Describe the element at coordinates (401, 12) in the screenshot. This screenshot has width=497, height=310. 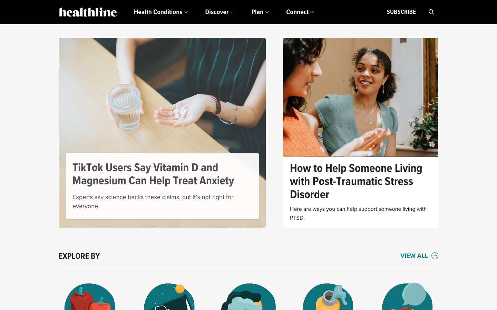
I see `Subscribe the heathline newsletter` at that location.